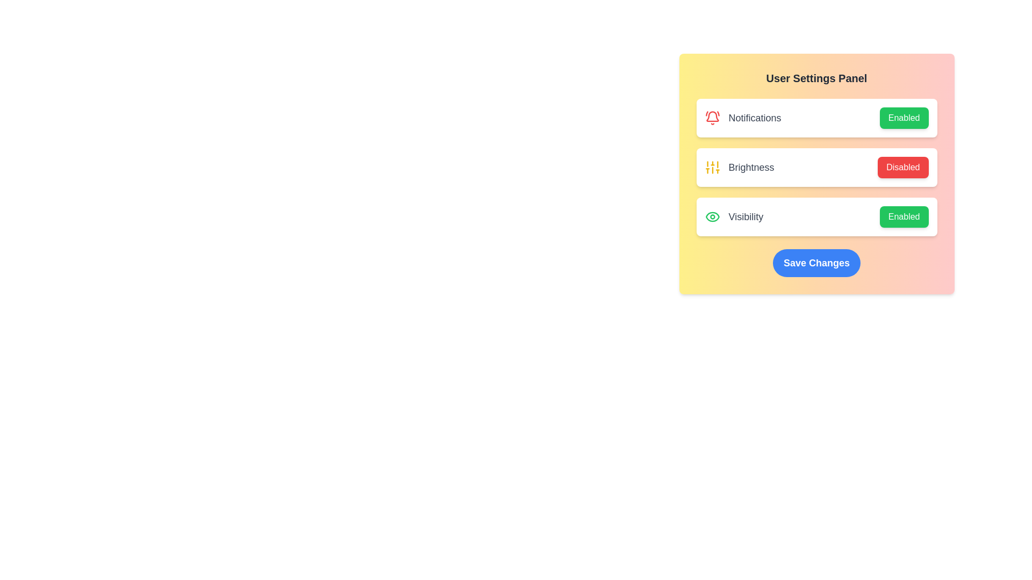 The height and width of the screenshot is (580, 1032). I want to click on 'Save Changes' button to save the current settings, so click(816, 263).